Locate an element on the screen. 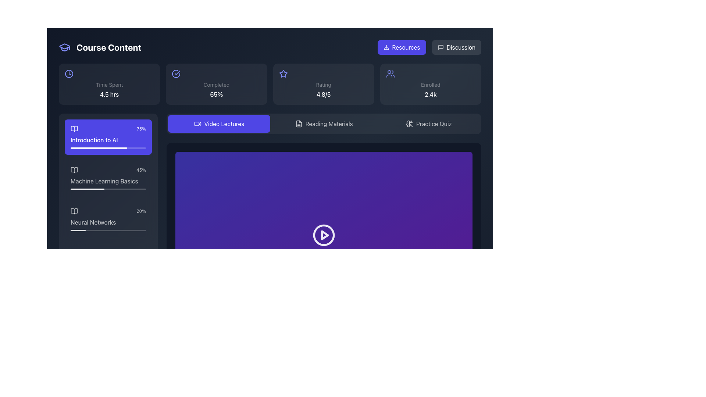 Image resolution: width=706 pixels, height=397 pixels. the open book icon located in the 'Introduction to AI' section, which is positioned to the left of the title 'Introduction to AI' is located at coordinates (74, 129).